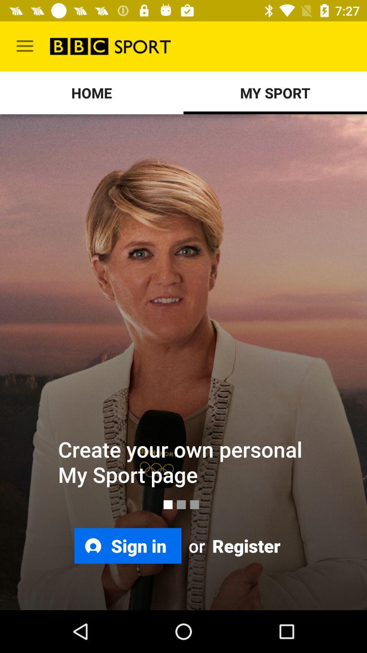  I want to click on home, so click(92, 93).